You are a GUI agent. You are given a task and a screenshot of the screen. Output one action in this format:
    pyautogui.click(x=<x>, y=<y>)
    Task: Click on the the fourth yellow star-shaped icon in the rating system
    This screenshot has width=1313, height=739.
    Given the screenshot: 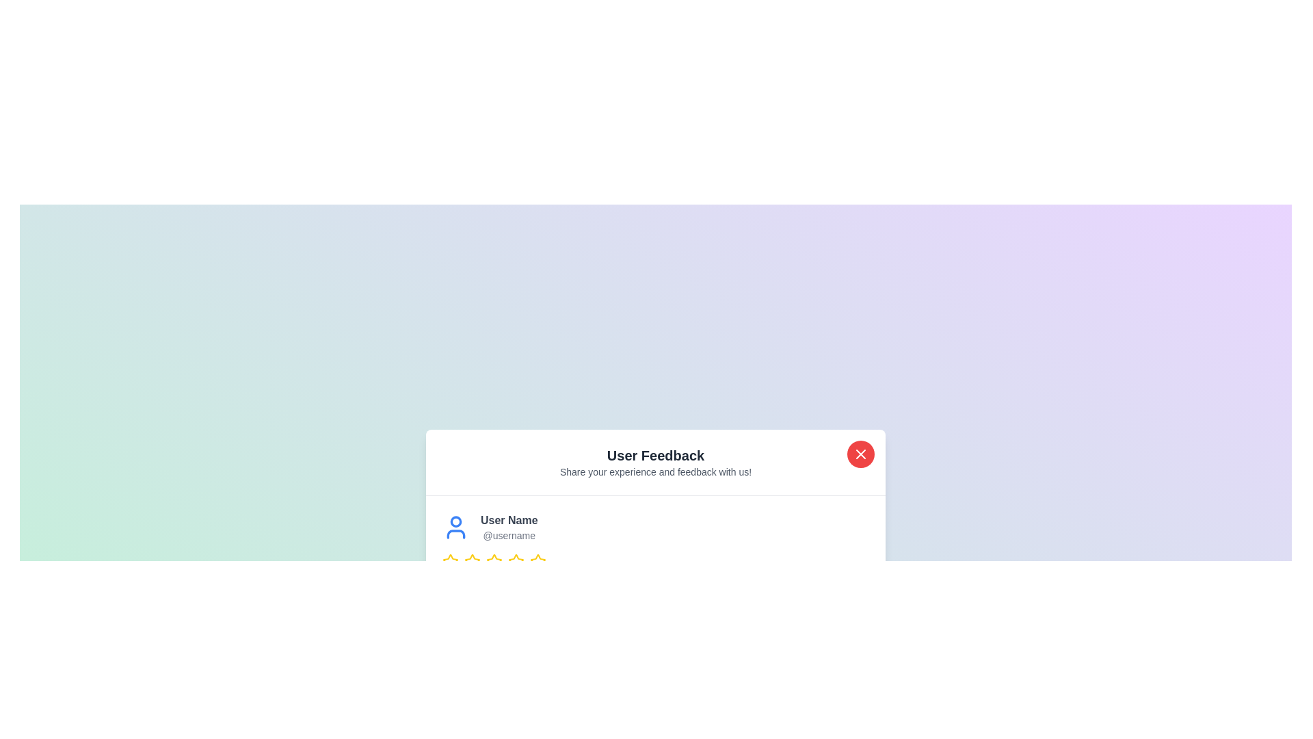 What is the action you would take?
    pyautogui.click(x=494, y=561)
    